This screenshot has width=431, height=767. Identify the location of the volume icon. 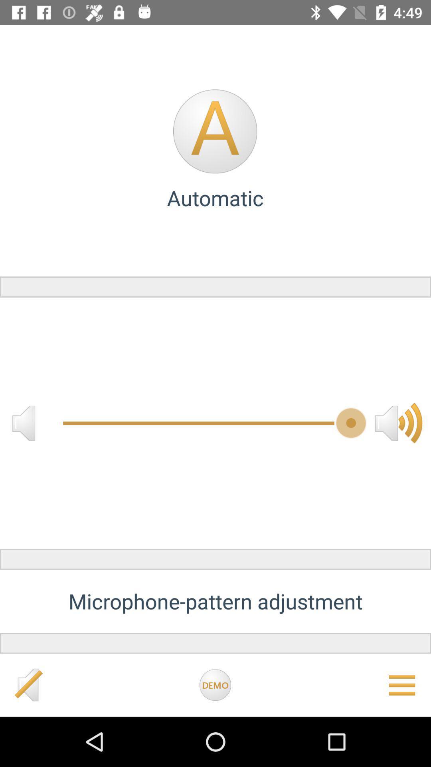
(23, 423).